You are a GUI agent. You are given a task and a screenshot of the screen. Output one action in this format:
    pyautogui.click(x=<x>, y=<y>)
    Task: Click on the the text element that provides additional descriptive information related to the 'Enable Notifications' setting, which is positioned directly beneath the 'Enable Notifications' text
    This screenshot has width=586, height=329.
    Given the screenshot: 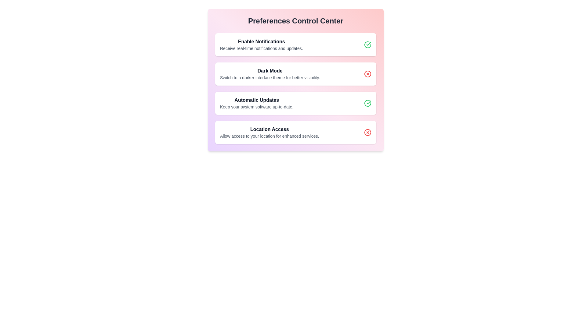 What is the action you would take?
    pyautogui.click(x=261, y=48)
    